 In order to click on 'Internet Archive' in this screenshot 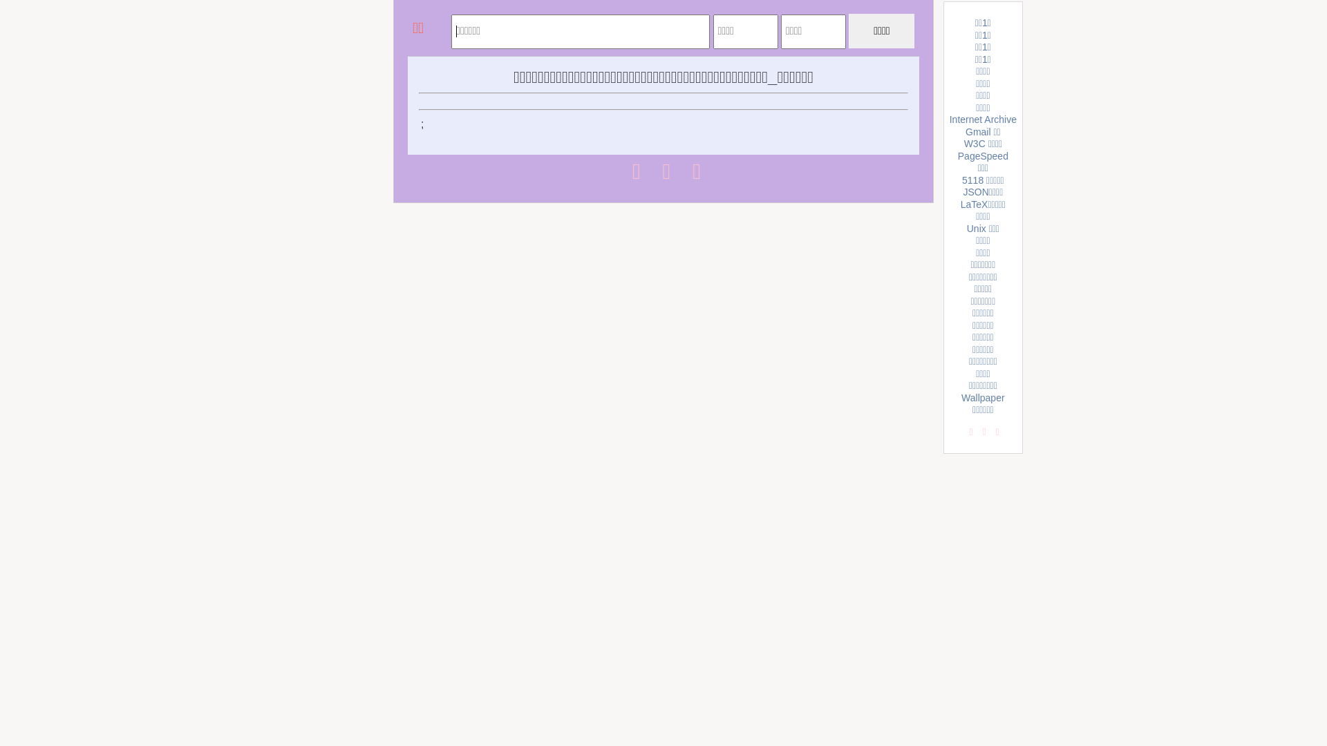, I will do `click(982, 119)`.